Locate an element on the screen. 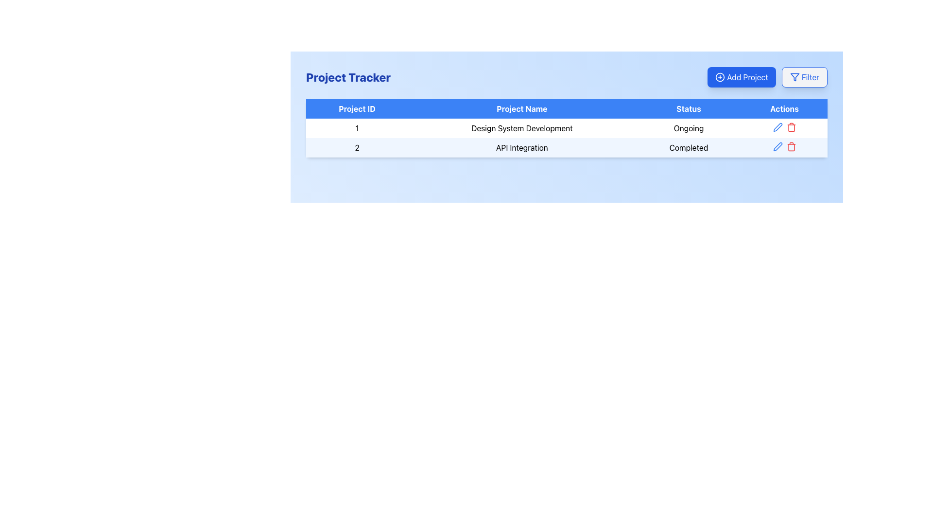 The height and width of the screenshot is (525, 933). the 'Add New Project' button located in the upper-right corner of the header group, to the immediate left of the 'Filter' button is located at coordinates (767, 76).